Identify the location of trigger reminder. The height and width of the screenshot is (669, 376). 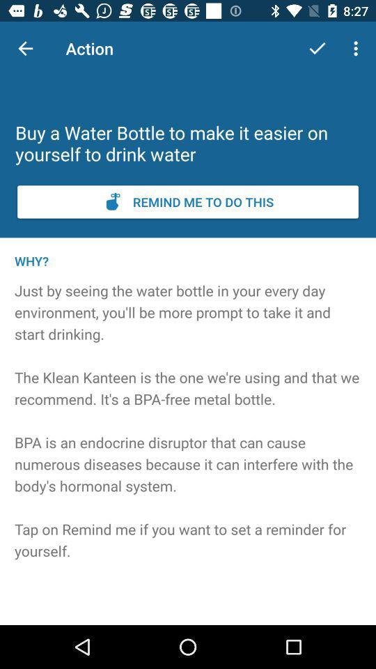
(188, 201).